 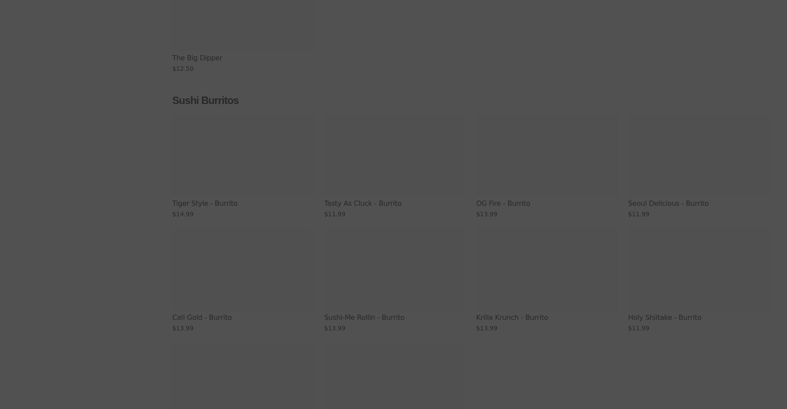 I want to click on 'Krilla Krunch - Burrito', so click(x=512, y=317).